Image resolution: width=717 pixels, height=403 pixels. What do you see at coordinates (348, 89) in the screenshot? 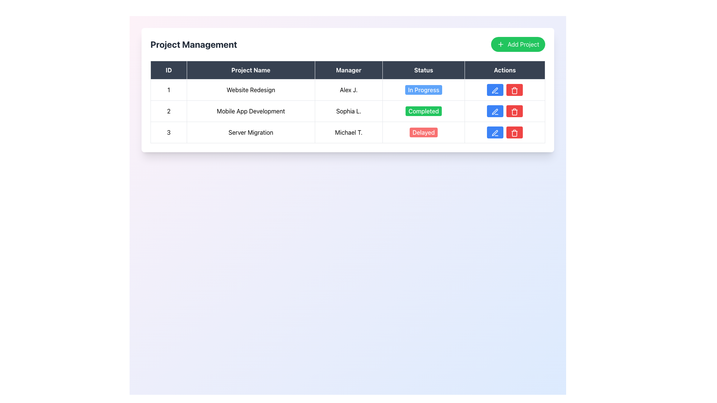
I see `the text label element that reads 'Alex J.' located in the third column of the first row of the table under the 'Manager' column, positioned between 'Website Redesign' and 'In Progress'` at bounding box center [348, 89].